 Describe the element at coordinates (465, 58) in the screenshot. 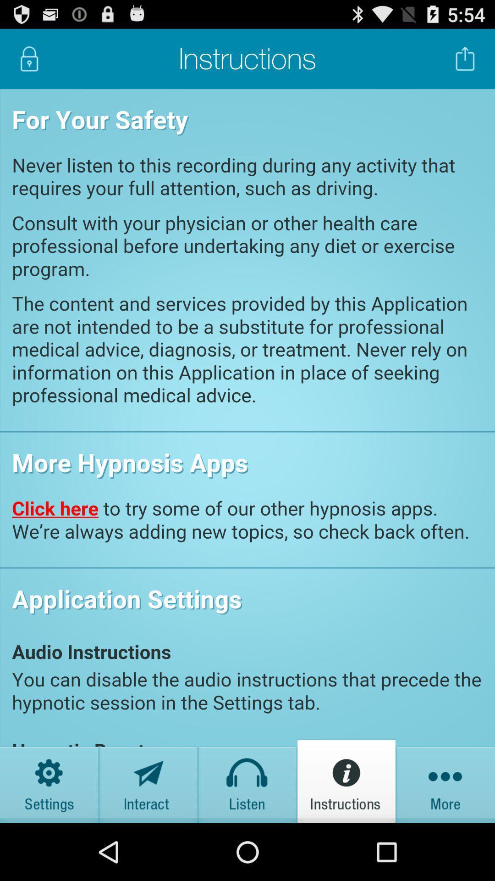

I see `exit from the current tab` at that location.